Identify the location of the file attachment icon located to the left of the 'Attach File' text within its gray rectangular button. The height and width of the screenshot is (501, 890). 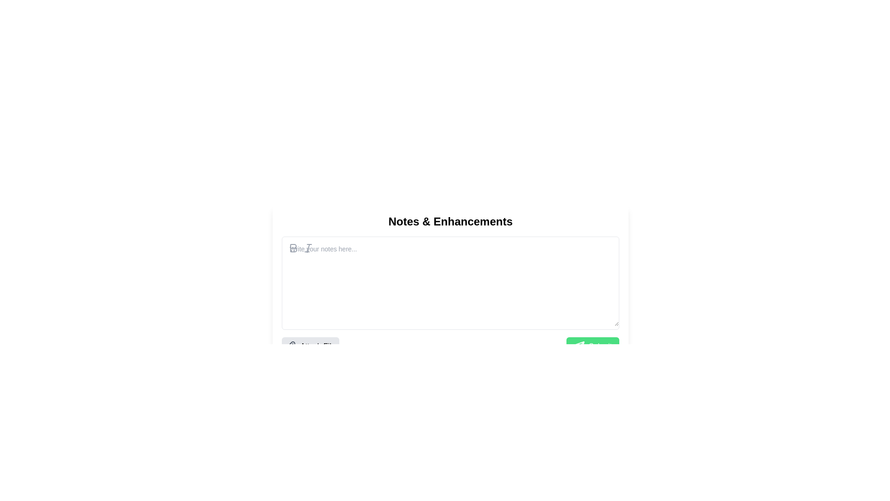
(291, 347).